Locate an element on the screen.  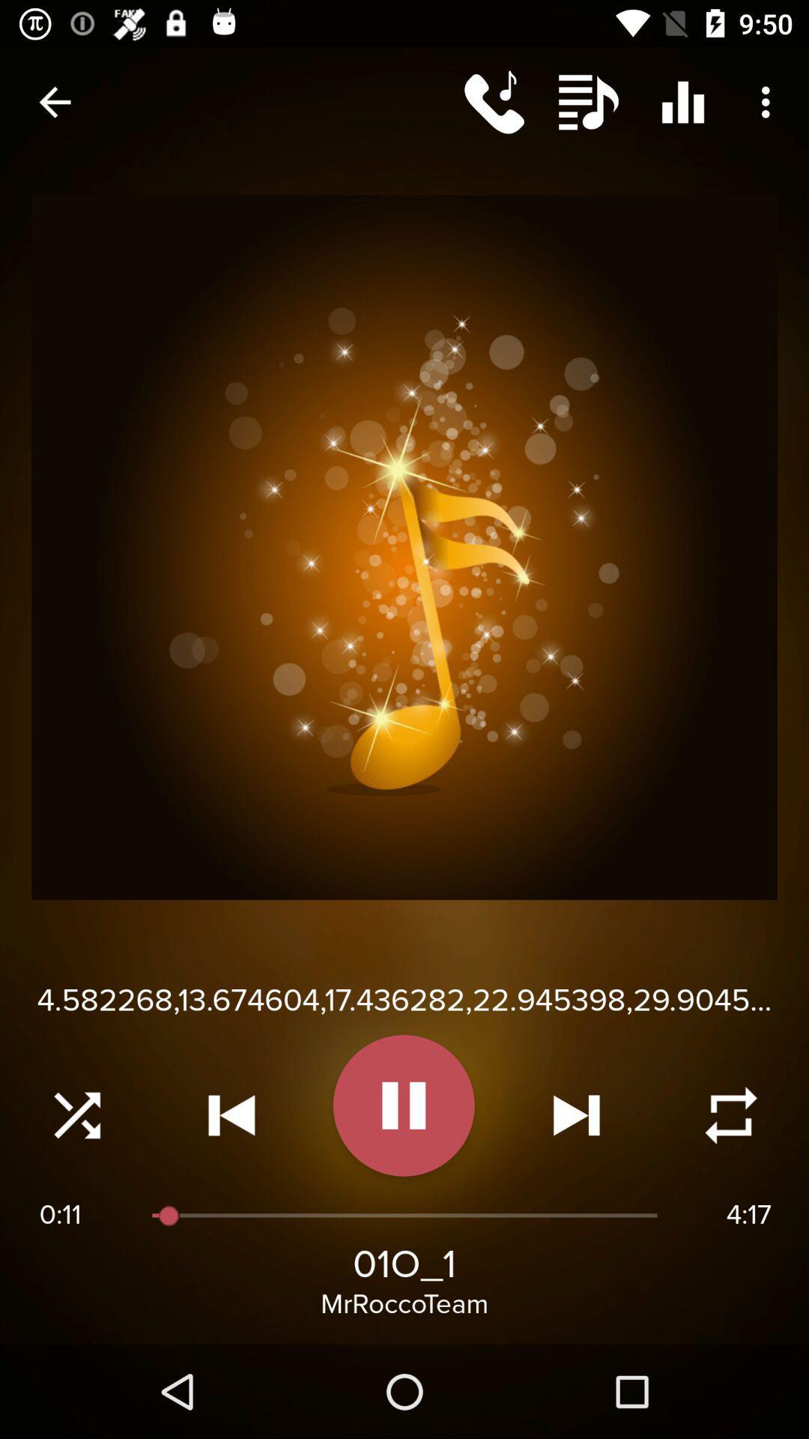
the skip_next icon is located at coordinates (575, 1115).